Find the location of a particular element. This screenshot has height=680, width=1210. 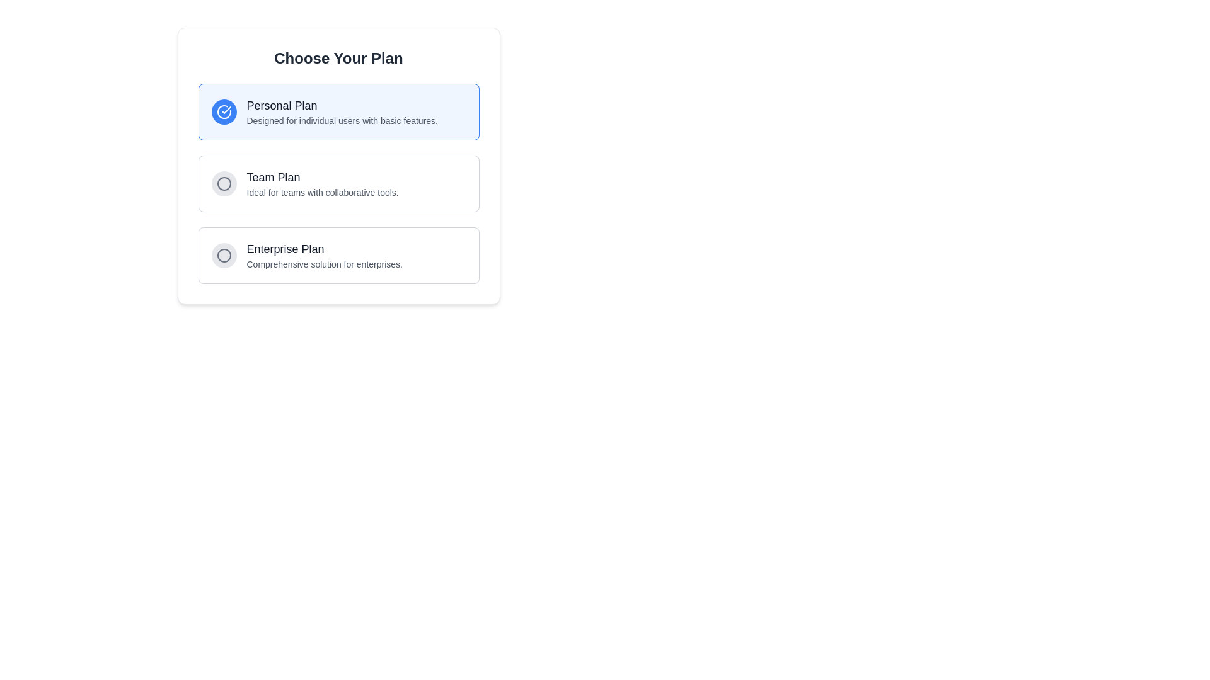

the check mark icon within the SVG element that represents the 'Personal Plan' option, indicating it is active or selected is located at coordinates (226, 109).